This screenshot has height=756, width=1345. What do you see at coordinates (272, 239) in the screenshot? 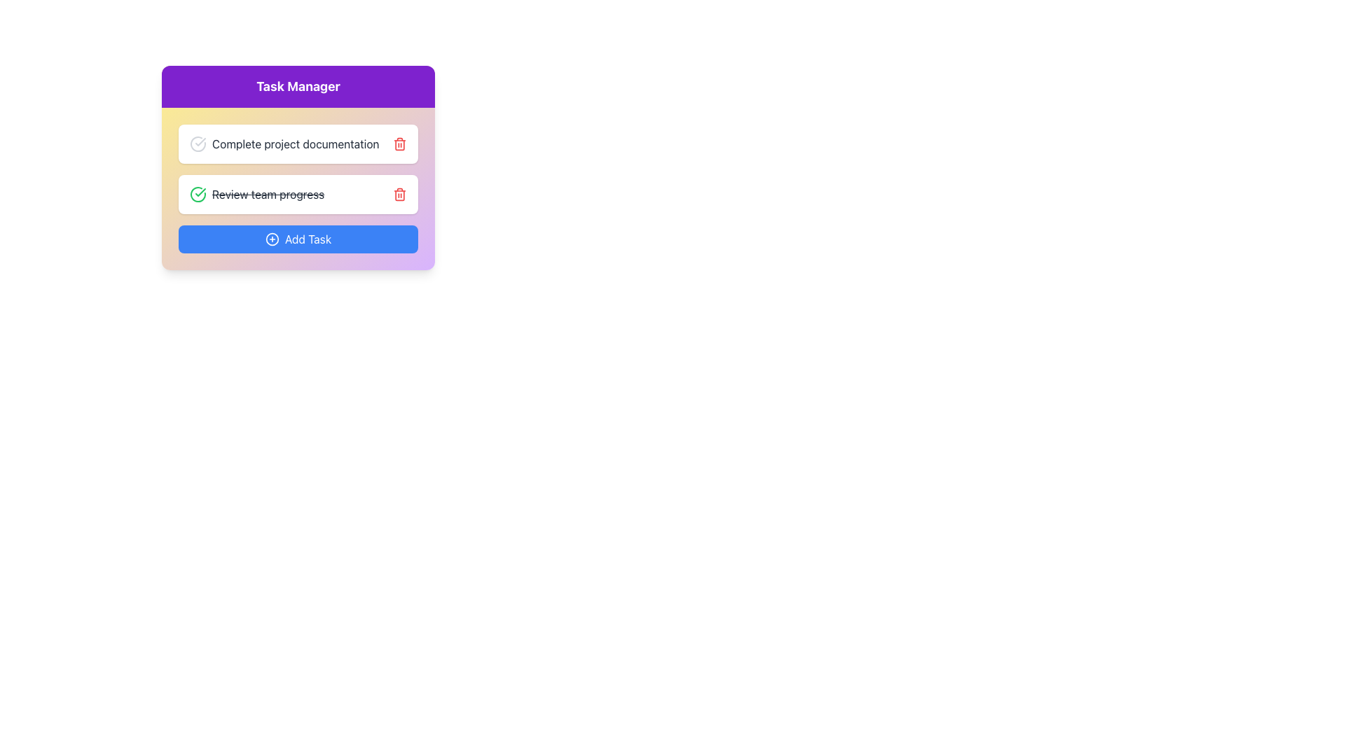
I see `the circular icon with a blue outline and a plus sign, located to the left of the 'Add Task' button at the bottom section of the Task Manager card` at bounding box center [272, 239].